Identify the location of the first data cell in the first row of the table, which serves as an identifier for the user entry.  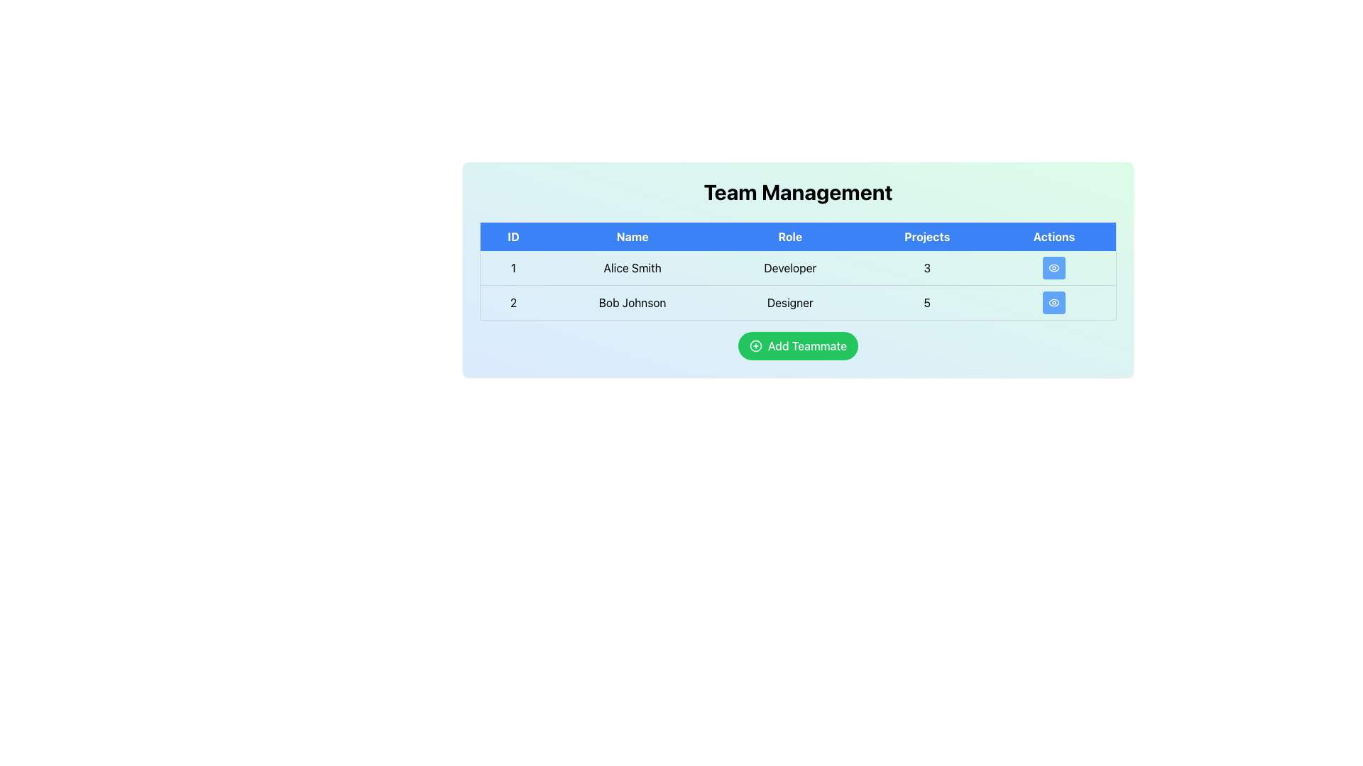
(513, 268).